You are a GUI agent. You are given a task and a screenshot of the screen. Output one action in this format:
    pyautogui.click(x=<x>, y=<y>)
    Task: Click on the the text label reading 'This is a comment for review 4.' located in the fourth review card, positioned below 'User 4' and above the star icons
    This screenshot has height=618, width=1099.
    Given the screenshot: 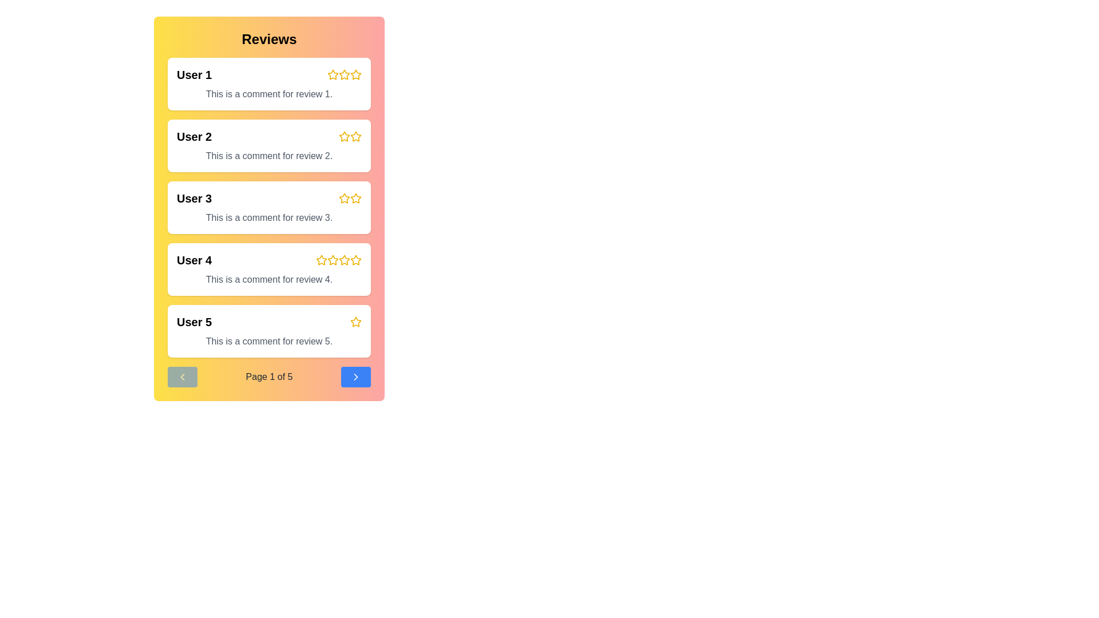 What is the action you would take?
    pyautogui.click(x=268, y=280)
    